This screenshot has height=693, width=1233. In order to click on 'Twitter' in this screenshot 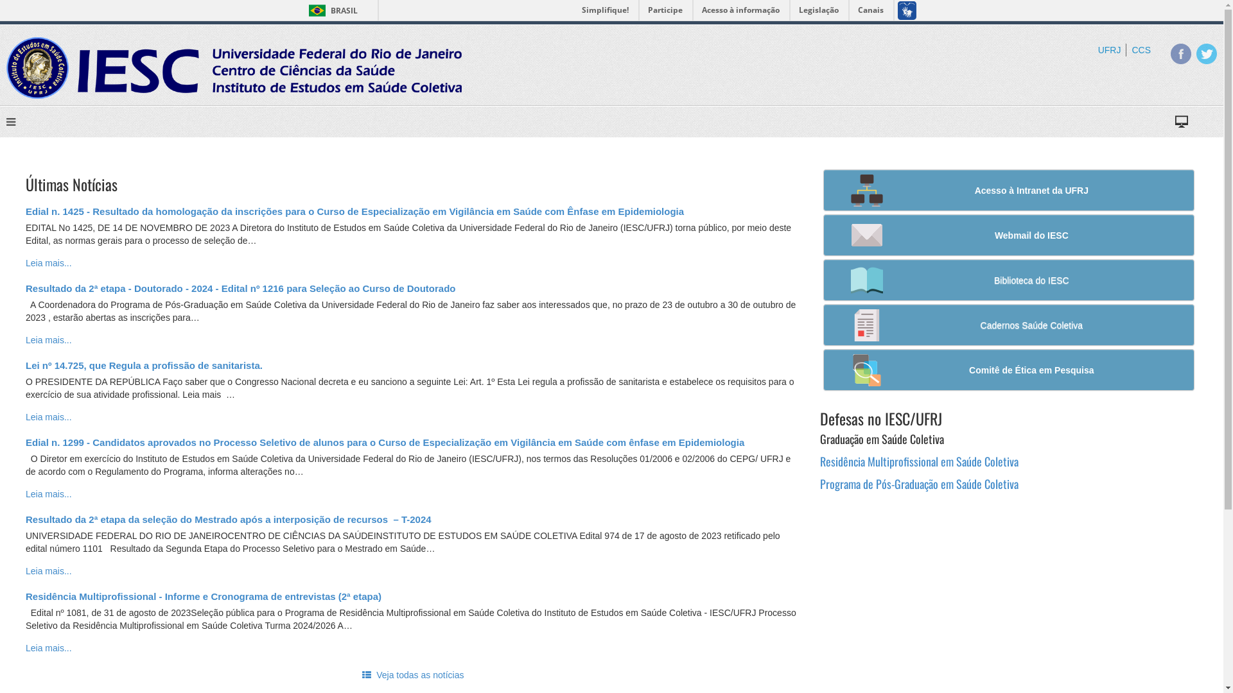, I will do `click(1205, 53)`.